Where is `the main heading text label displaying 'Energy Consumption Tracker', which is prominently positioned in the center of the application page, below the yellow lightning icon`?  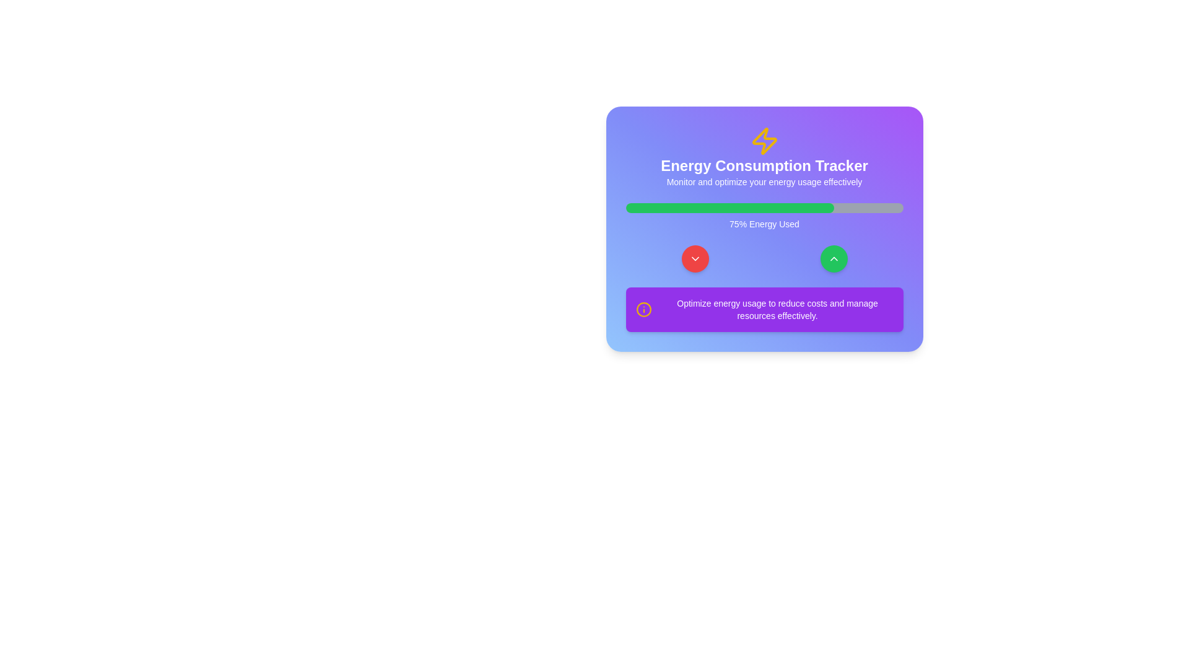
the main heading text label displaying 'Energy Consumption Tracker', which is prominently positioned in the center of the application page, below the yellow lightning icon is located at coordinates (764, 165).